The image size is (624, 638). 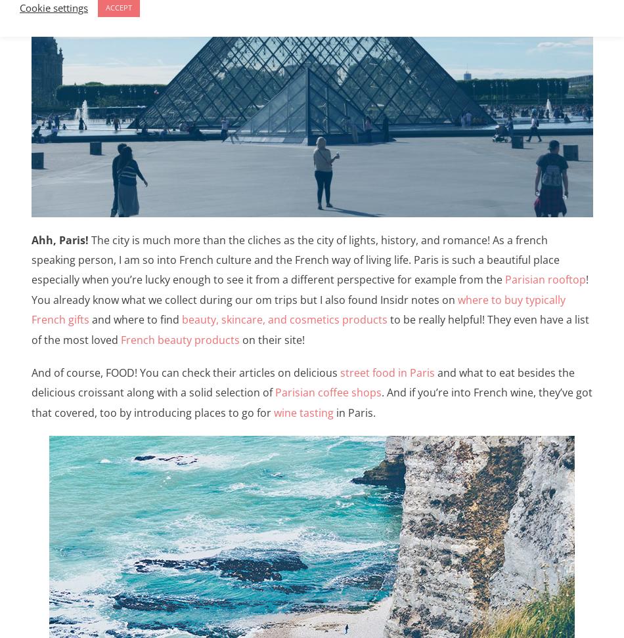 I want to click on 'Parisian coffee shops', so click(x=328, y=391).